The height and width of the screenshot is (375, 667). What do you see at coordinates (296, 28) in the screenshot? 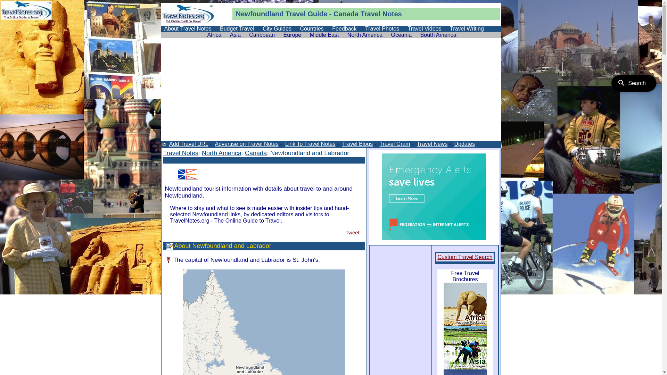
I see `'Countries'` at bounding box center [296, 28].